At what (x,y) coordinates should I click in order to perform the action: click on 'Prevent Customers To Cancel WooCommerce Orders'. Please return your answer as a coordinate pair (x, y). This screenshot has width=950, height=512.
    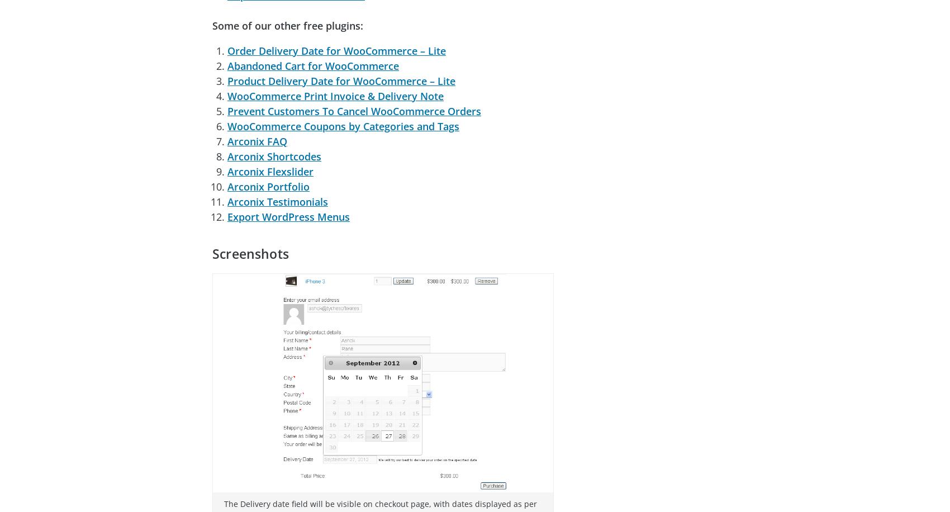
    Looking at the image, I should click on (353, 110).